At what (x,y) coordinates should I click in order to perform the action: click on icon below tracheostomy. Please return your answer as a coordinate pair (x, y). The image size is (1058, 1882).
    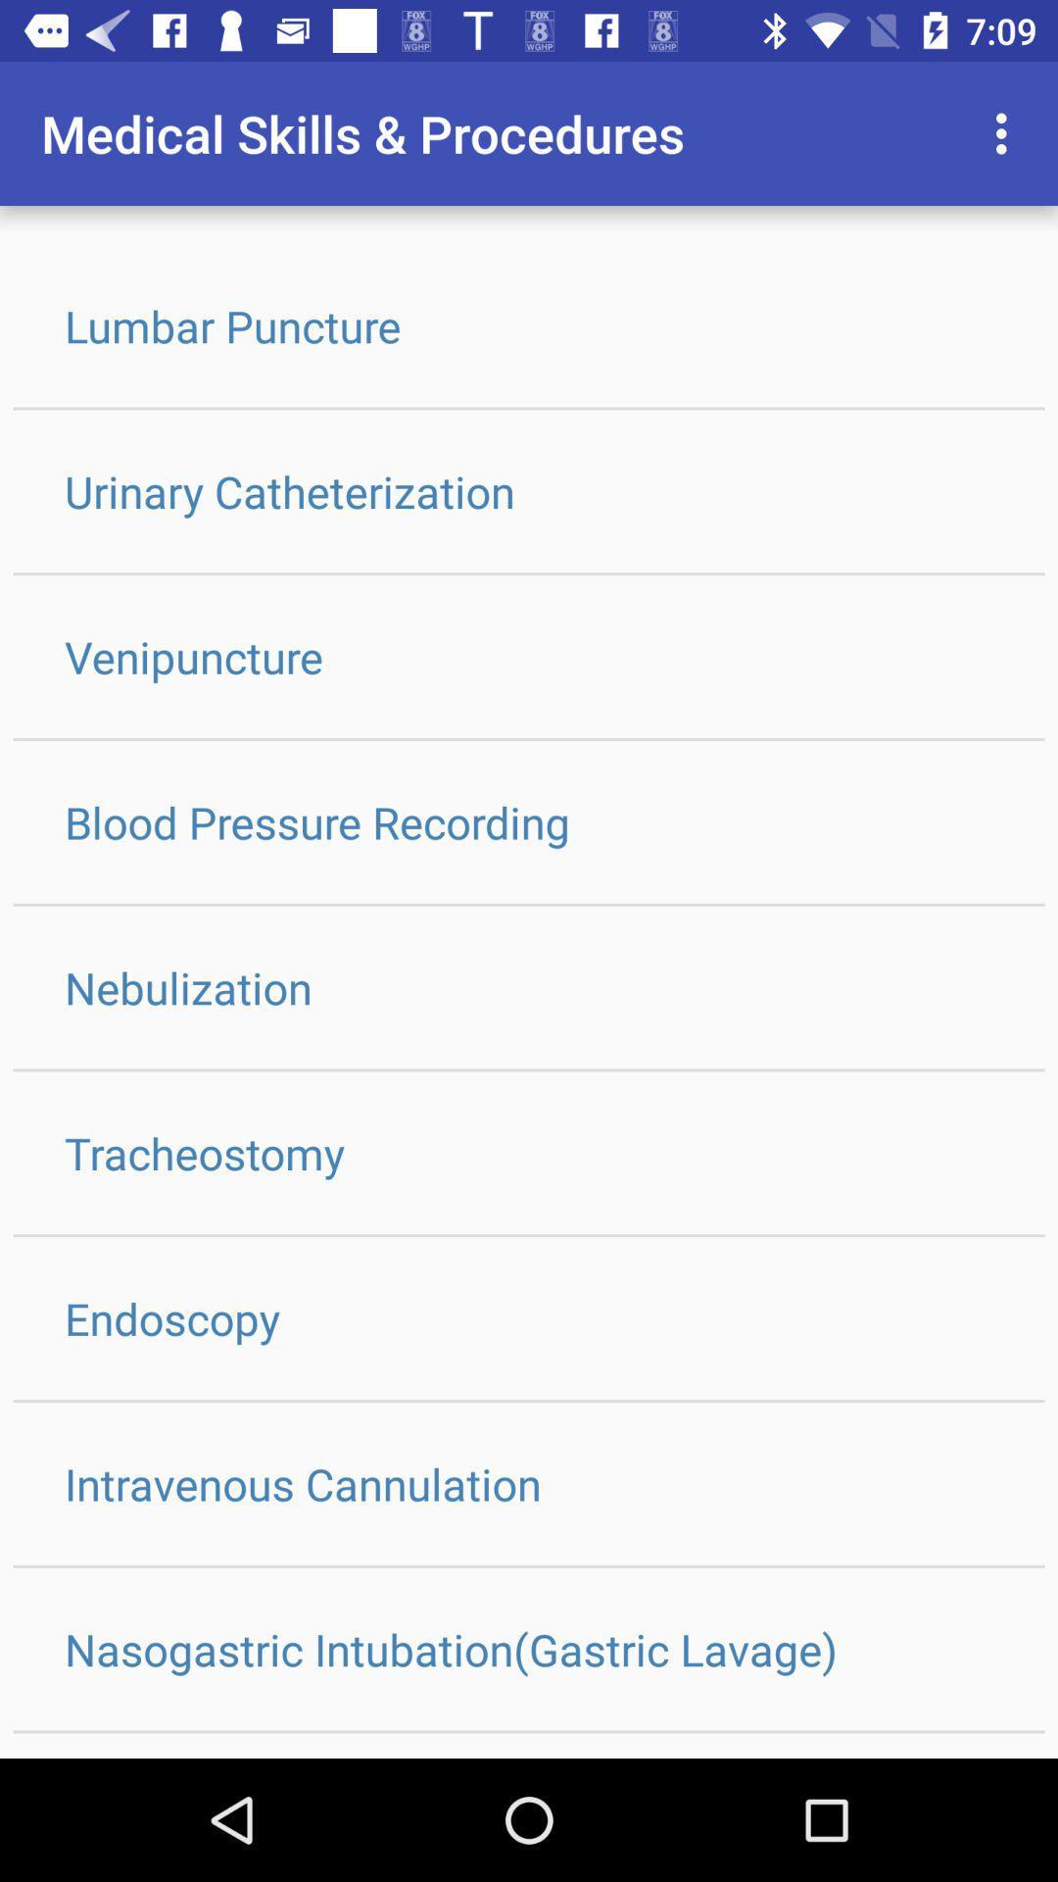
    Looking at the image, I should click on (529, 1318).